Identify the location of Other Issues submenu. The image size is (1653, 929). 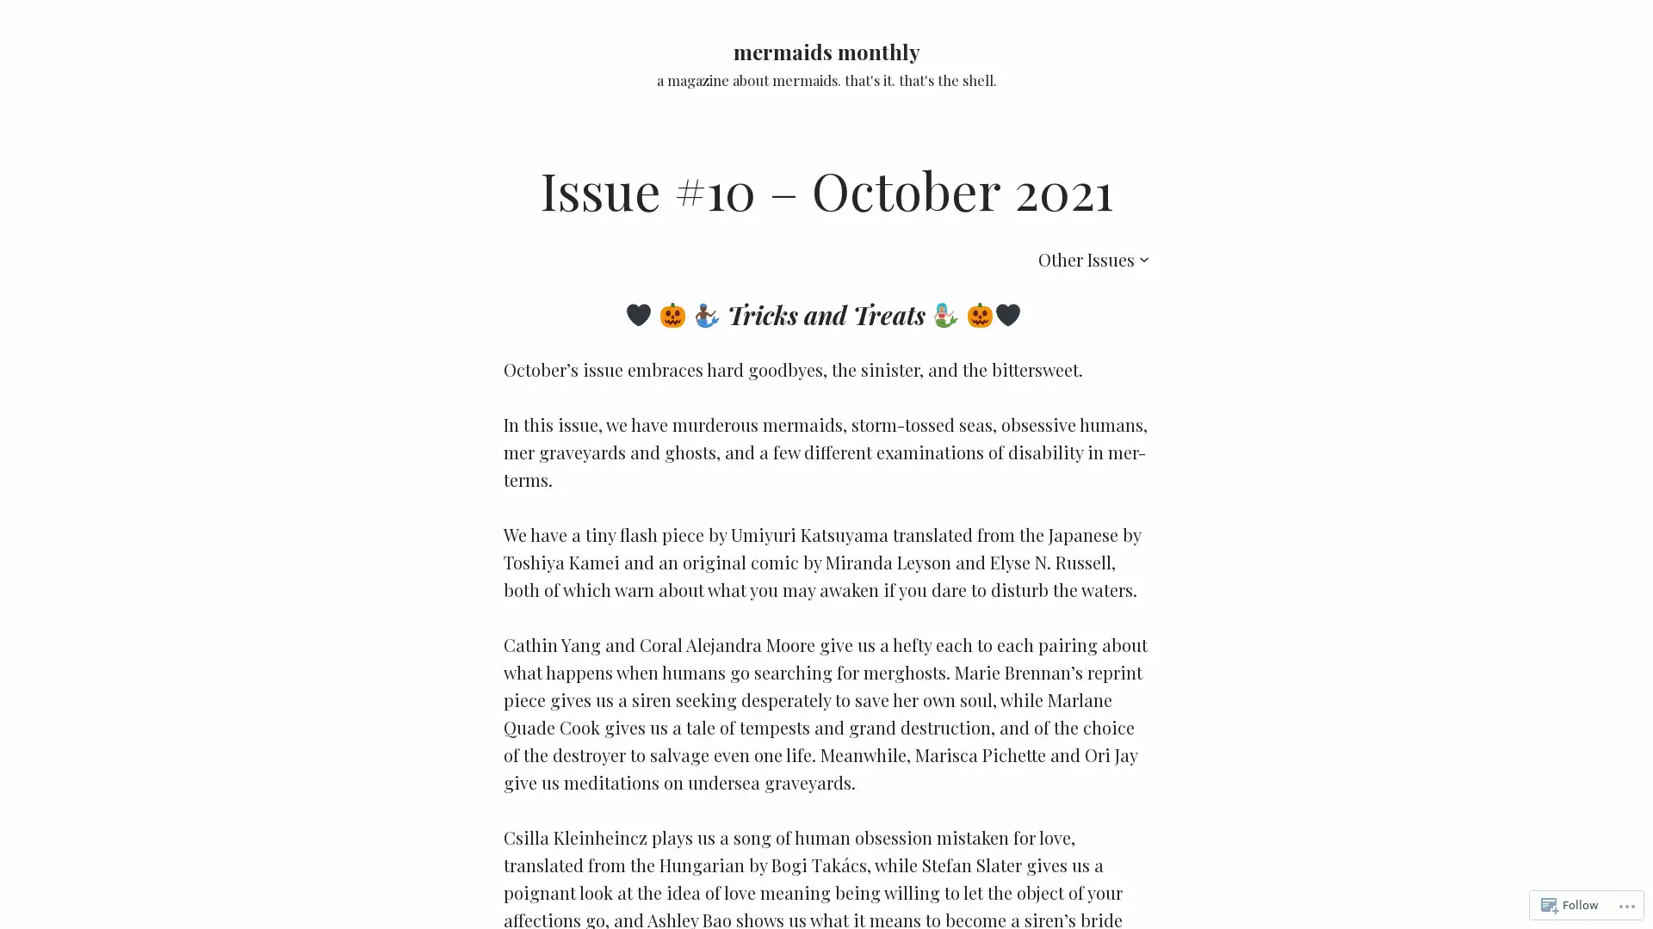
(1144, 258).